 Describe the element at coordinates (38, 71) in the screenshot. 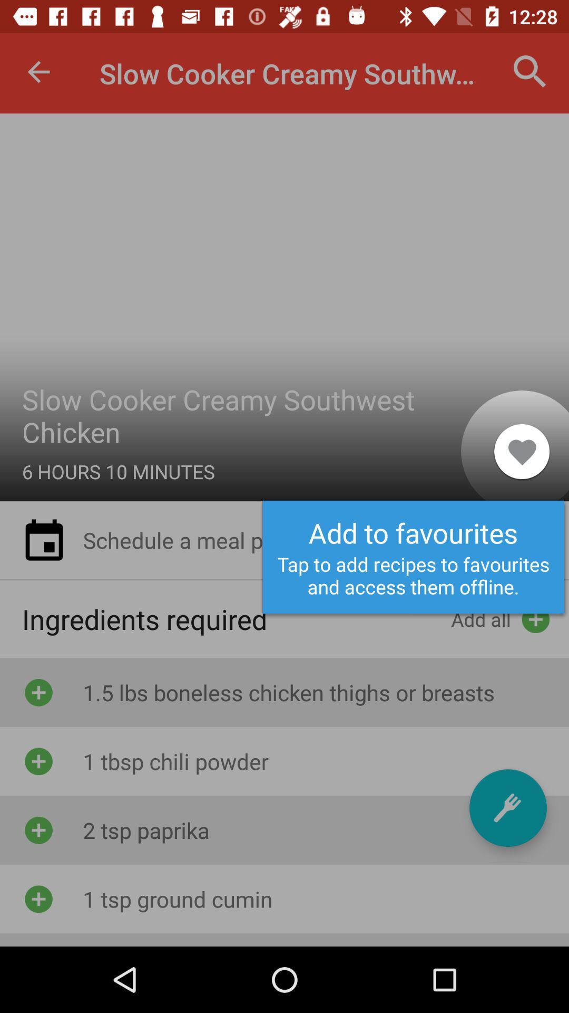

I see `the icon next to the slow cooker creamy` at that location.